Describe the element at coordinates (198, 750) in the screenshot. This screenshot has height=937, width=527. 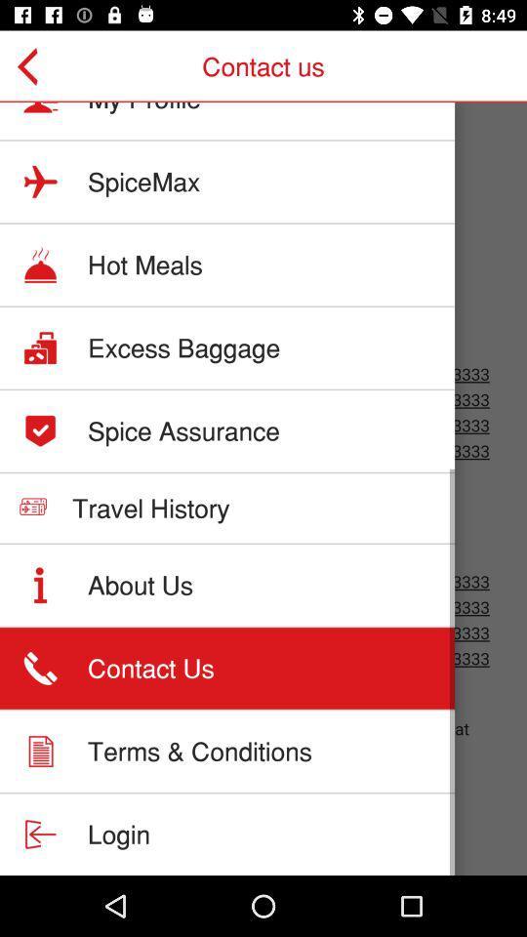
I see `item below contact us` at that location.